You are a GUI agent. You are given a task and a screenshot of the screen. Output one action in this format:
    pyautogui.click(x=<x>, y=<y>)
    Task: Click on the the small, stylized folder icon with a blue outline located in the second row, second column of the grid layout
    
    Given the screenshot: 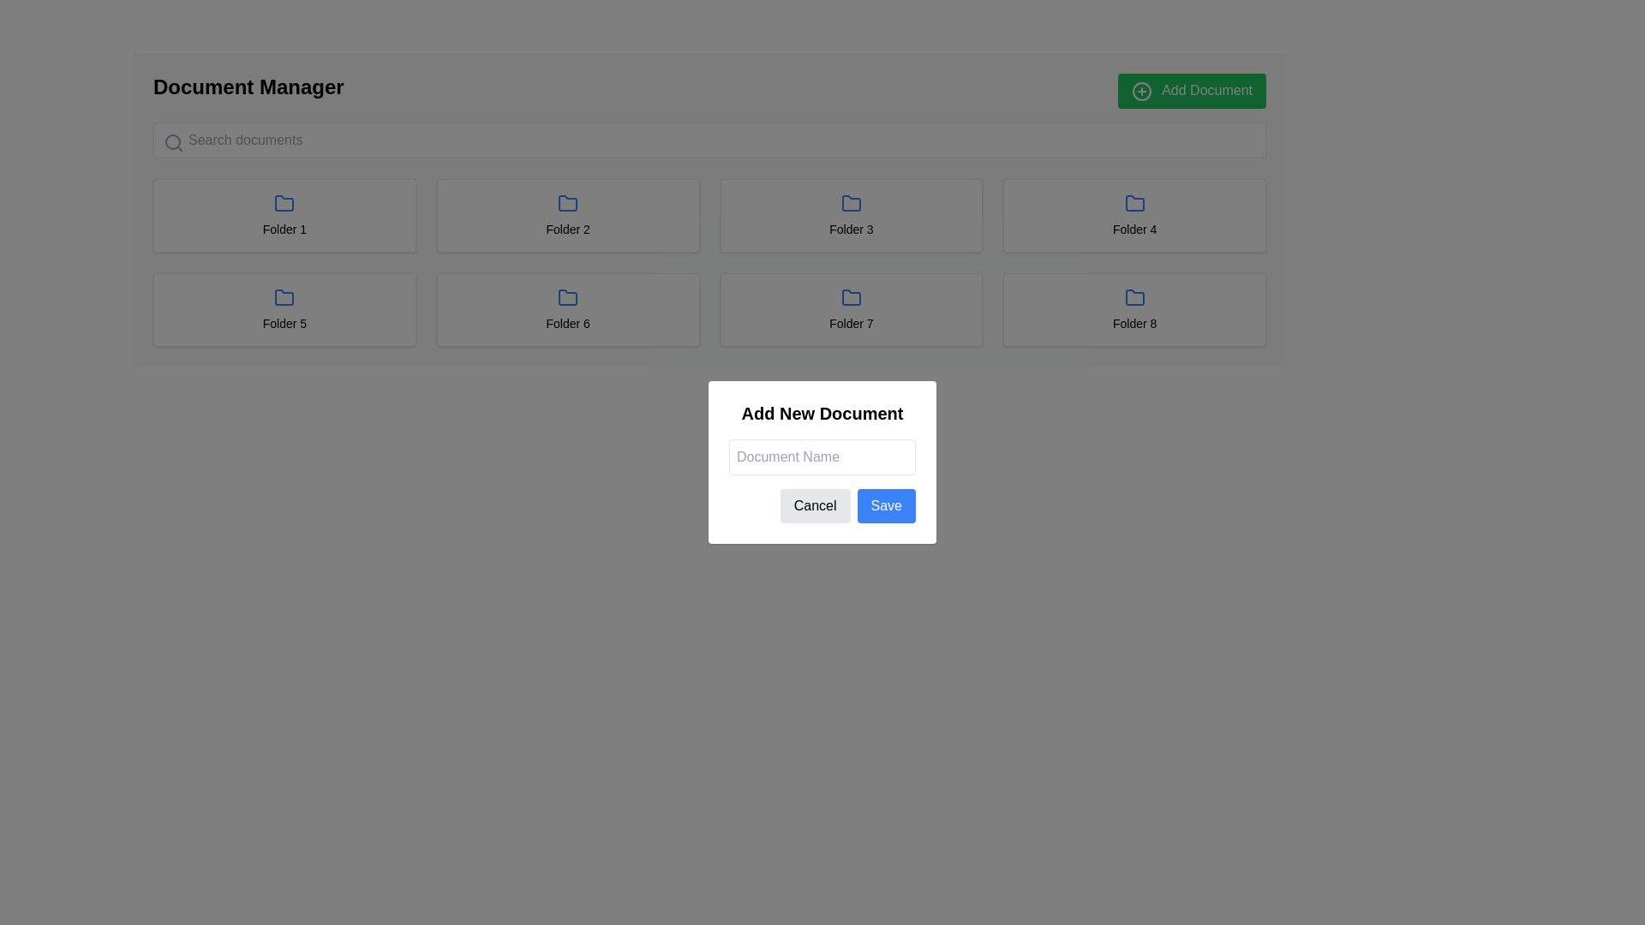 What is the action you would take?
    pyautogui.click(x=568, y=296)
    